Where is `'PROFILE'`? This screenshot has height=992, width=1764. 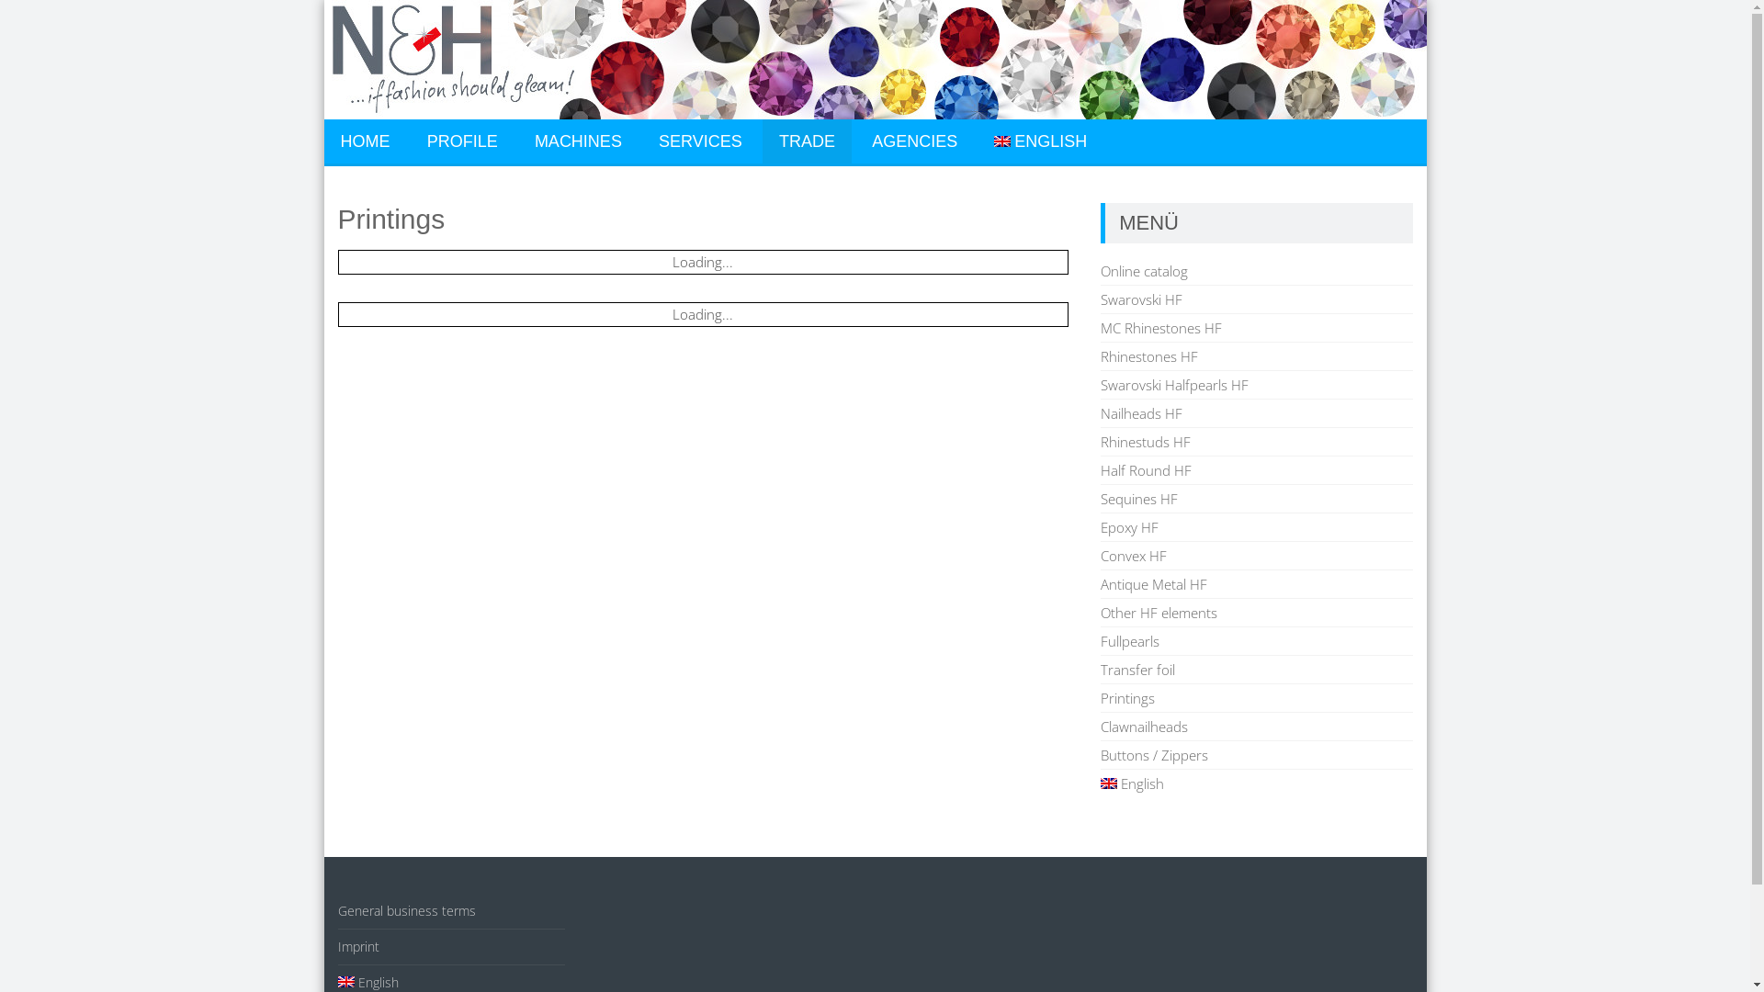 'PROFILE' is located at coordinates (409, 141).